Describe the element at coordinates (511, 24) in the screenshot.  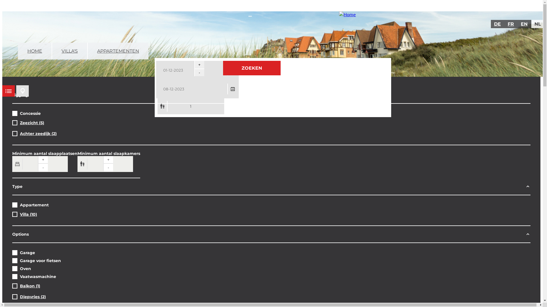
I see `'FR'` at that location.